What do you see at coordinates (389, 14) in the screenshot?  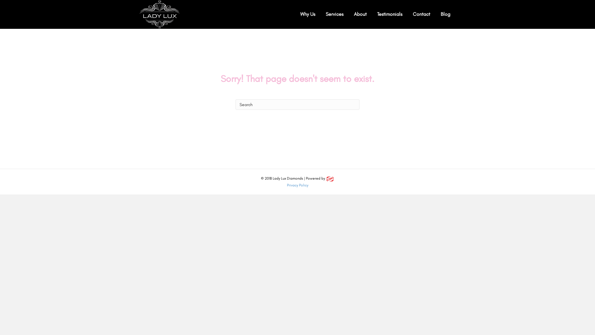 I see `'Testimonials'` at bounding box center [389, 14].